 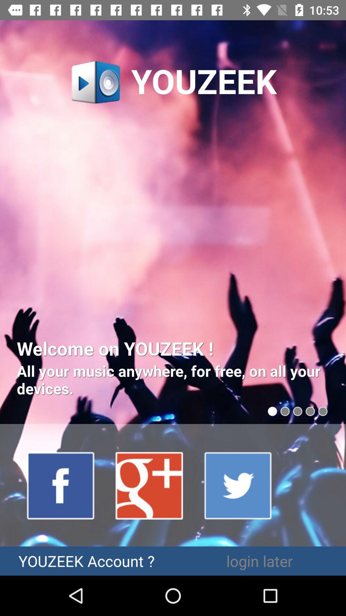 What do you see at coordinates (150, 485) in the screenshot?
I see `the icon below the all your music` at bounding box center [150, 485].